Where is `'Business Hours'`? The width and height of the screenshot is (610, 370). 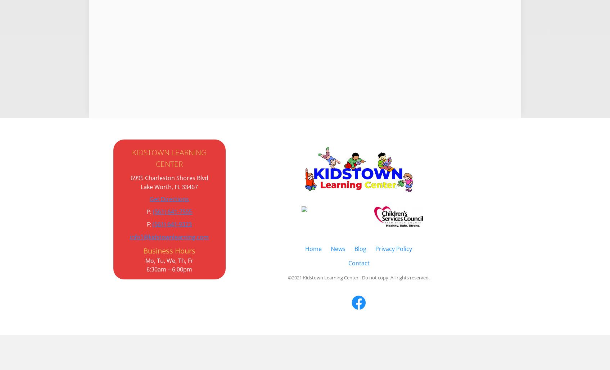 'Business Hours' is located at coordinates (169, 250).